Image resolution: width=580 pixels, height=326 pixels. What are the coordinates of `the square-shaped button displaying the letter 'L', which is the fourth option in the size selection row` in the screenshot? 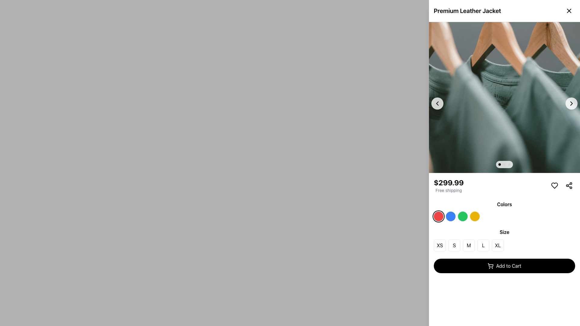 It's located at (483, 245).